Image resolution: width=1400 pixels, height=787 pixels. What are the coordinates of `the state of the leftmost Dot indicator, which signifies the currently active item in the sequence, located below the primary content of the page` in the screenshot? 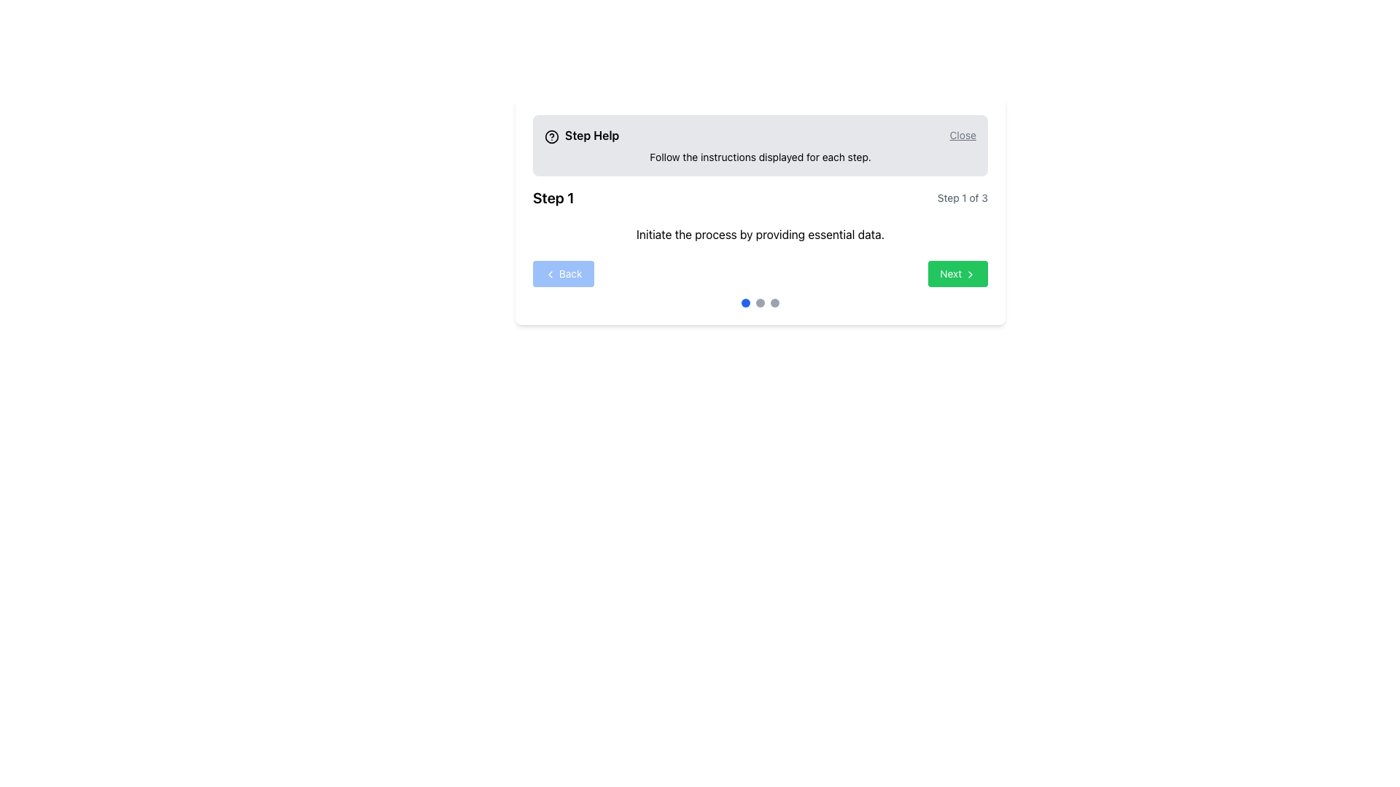 It's located at (745, 302).